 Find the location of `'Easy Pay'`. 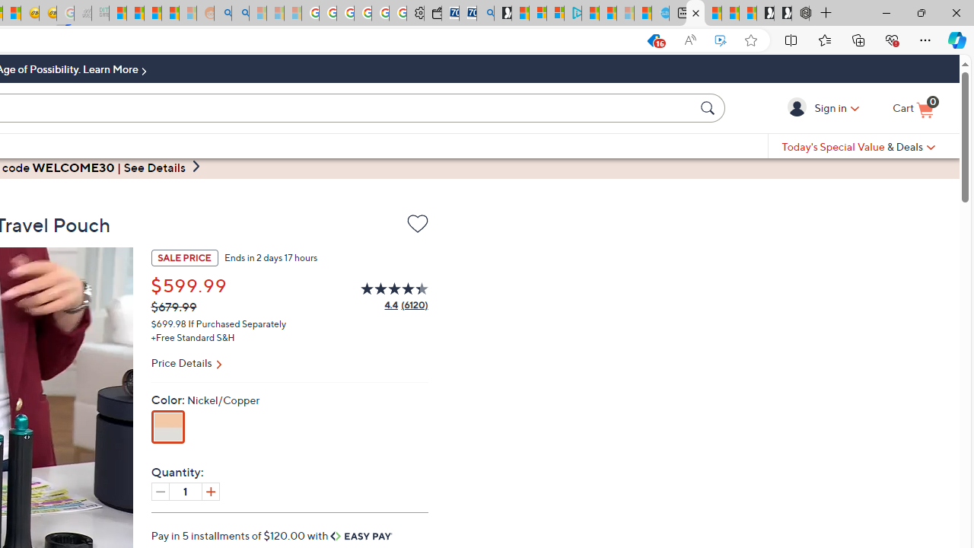

'Easy Pay' is located at coordinates (361, 535).